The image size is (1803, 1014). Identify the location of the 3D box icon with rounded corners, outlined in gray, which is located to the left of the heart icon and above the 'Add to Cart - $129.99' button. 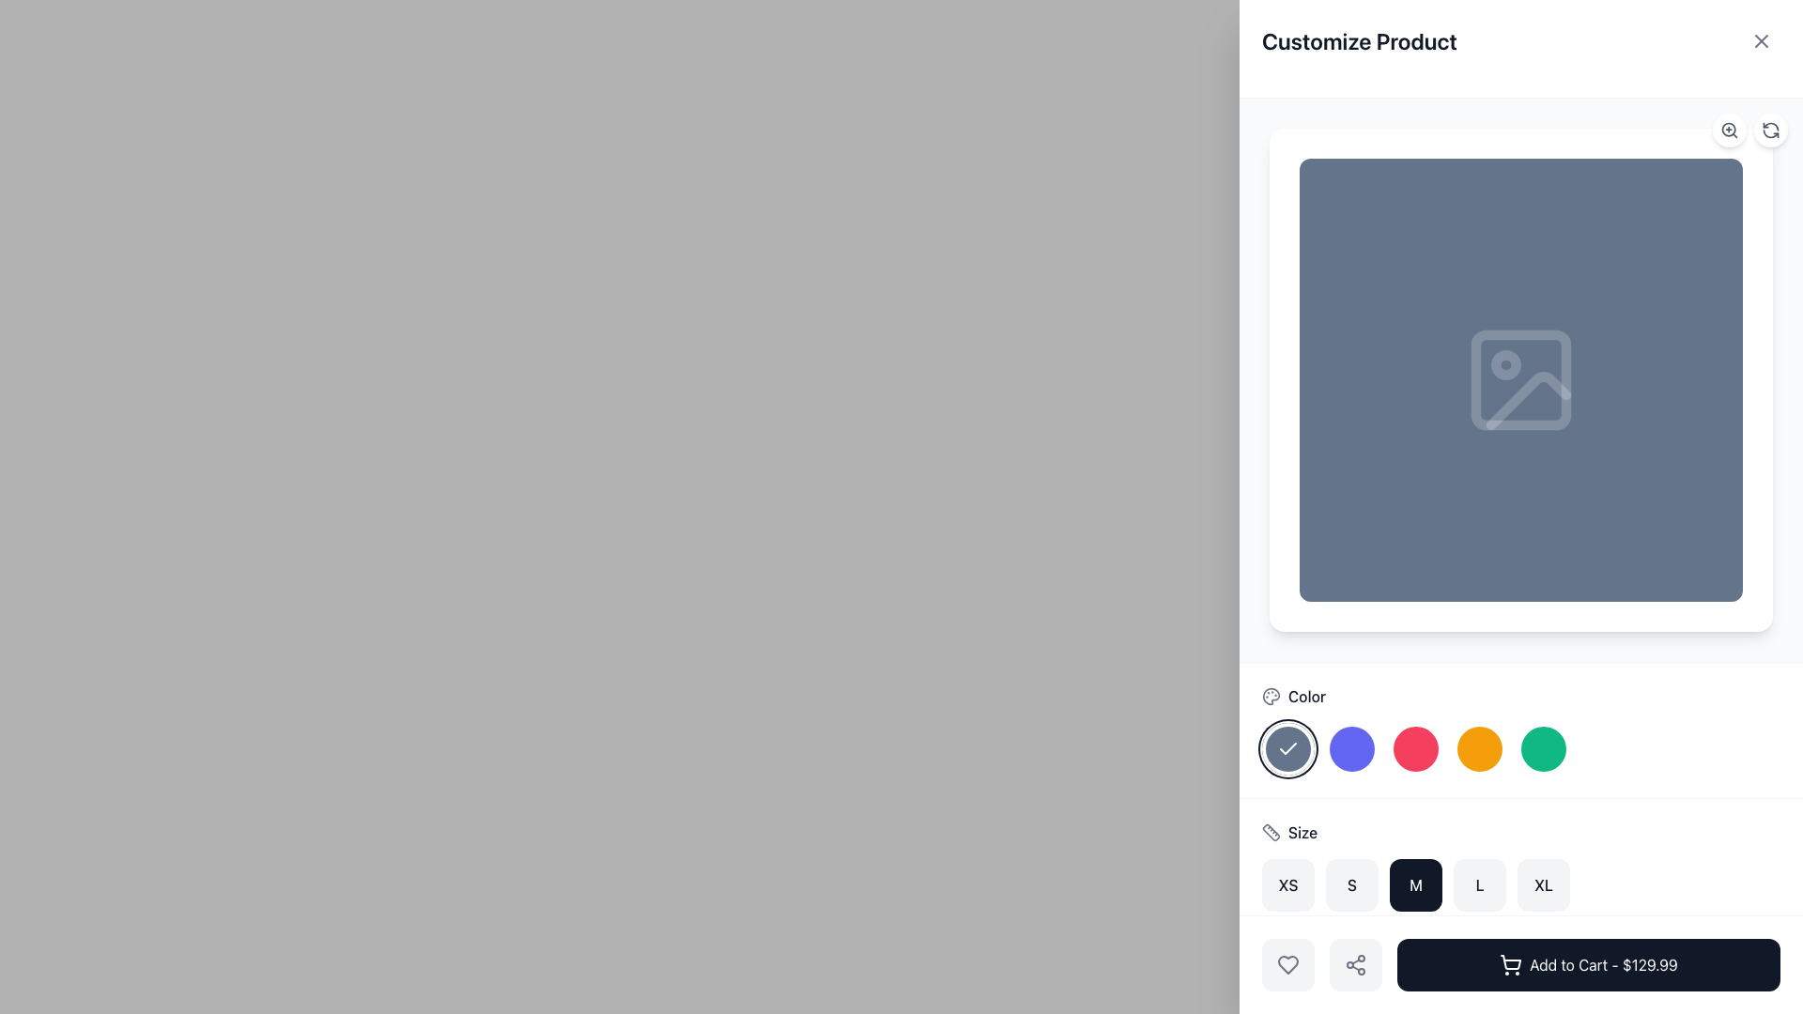
(1271, 969).